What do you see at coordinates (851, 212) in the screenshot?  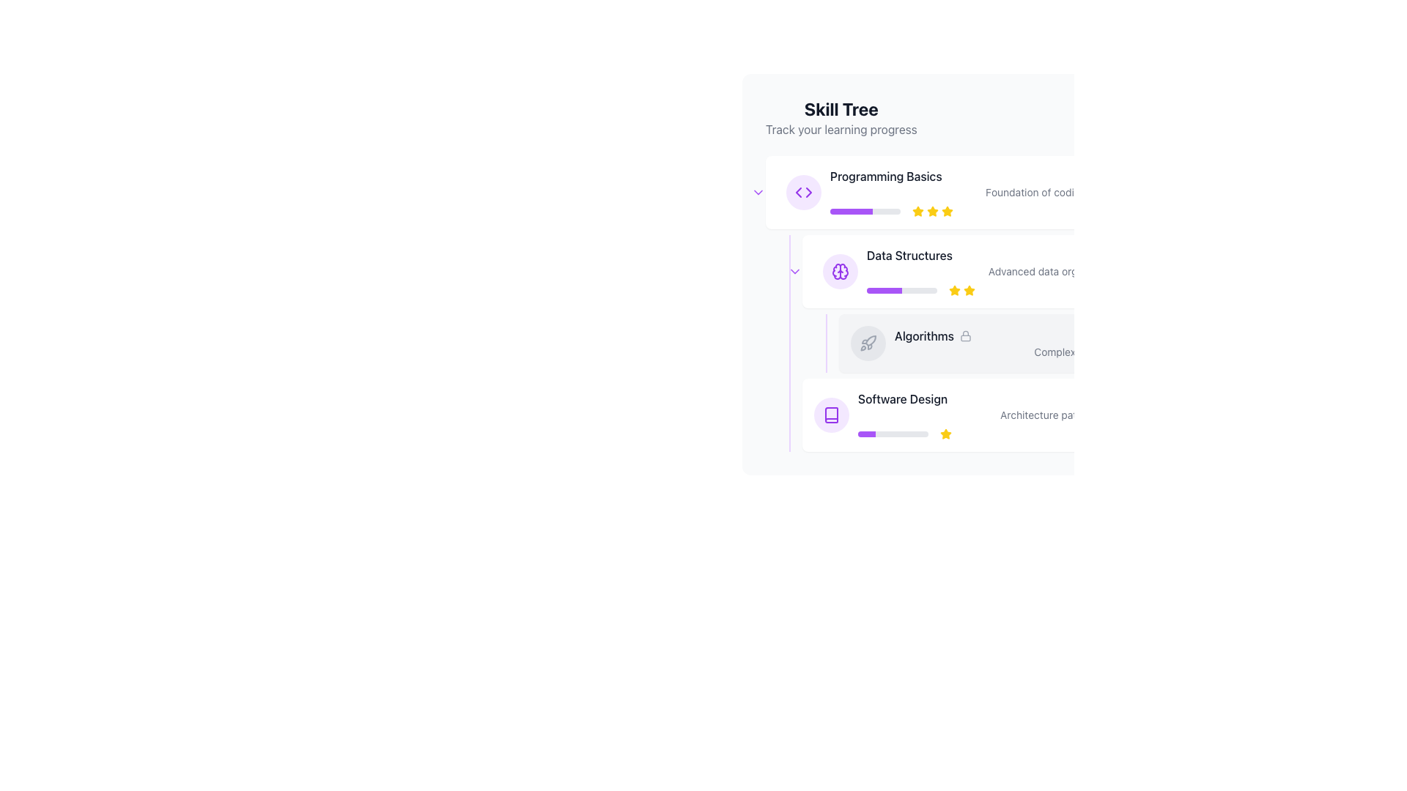 I see `the progress bar segment representing the user's progress in the 'Programming Basics' section of the Skill Tree interface` at bounding box center [851, 212].